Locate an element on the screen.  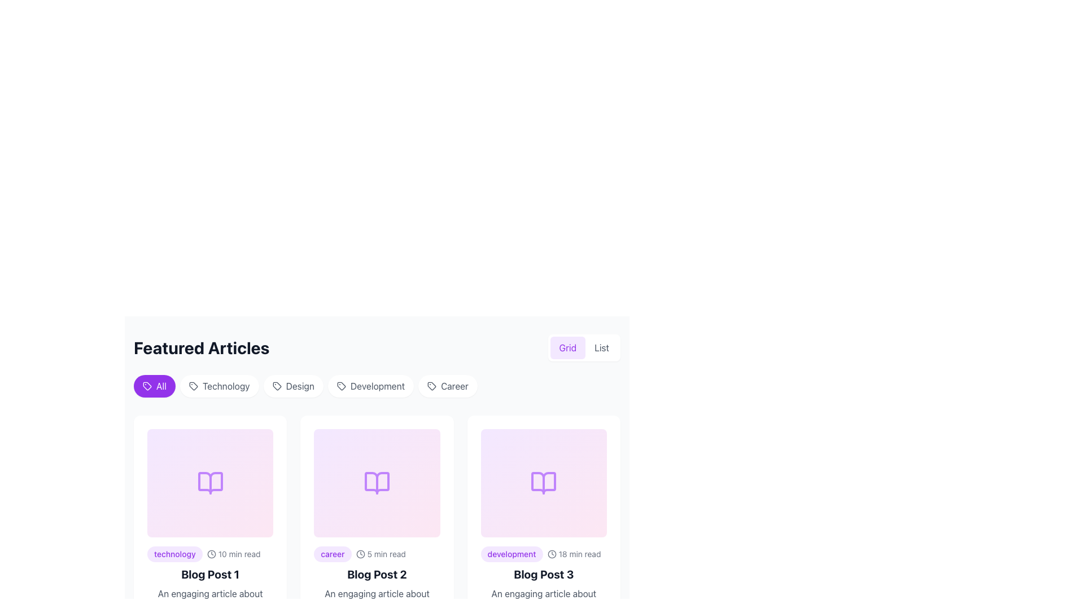
the fifth button in the horizontal list, which is styled for navigation or filtering purposes is located at coordinates (447, 386).